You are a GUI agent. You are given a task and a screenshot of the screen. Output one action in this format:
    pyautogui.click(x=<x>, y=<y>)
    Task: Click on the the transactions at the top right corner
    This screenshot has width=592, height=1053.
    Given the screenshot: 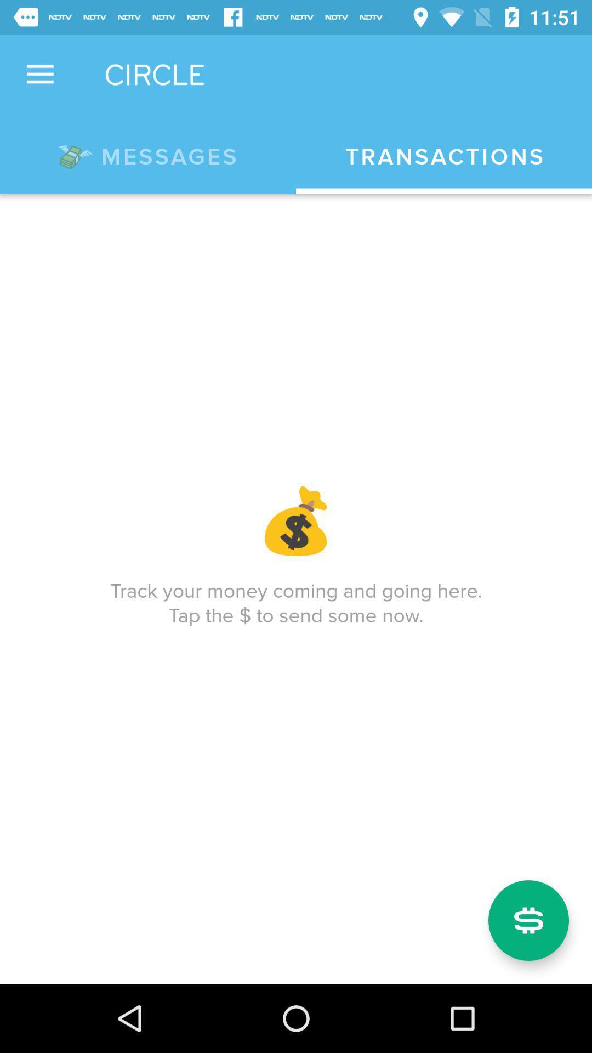 What is the action you would take?
    pyautogui.click(x=444, y=156)
    